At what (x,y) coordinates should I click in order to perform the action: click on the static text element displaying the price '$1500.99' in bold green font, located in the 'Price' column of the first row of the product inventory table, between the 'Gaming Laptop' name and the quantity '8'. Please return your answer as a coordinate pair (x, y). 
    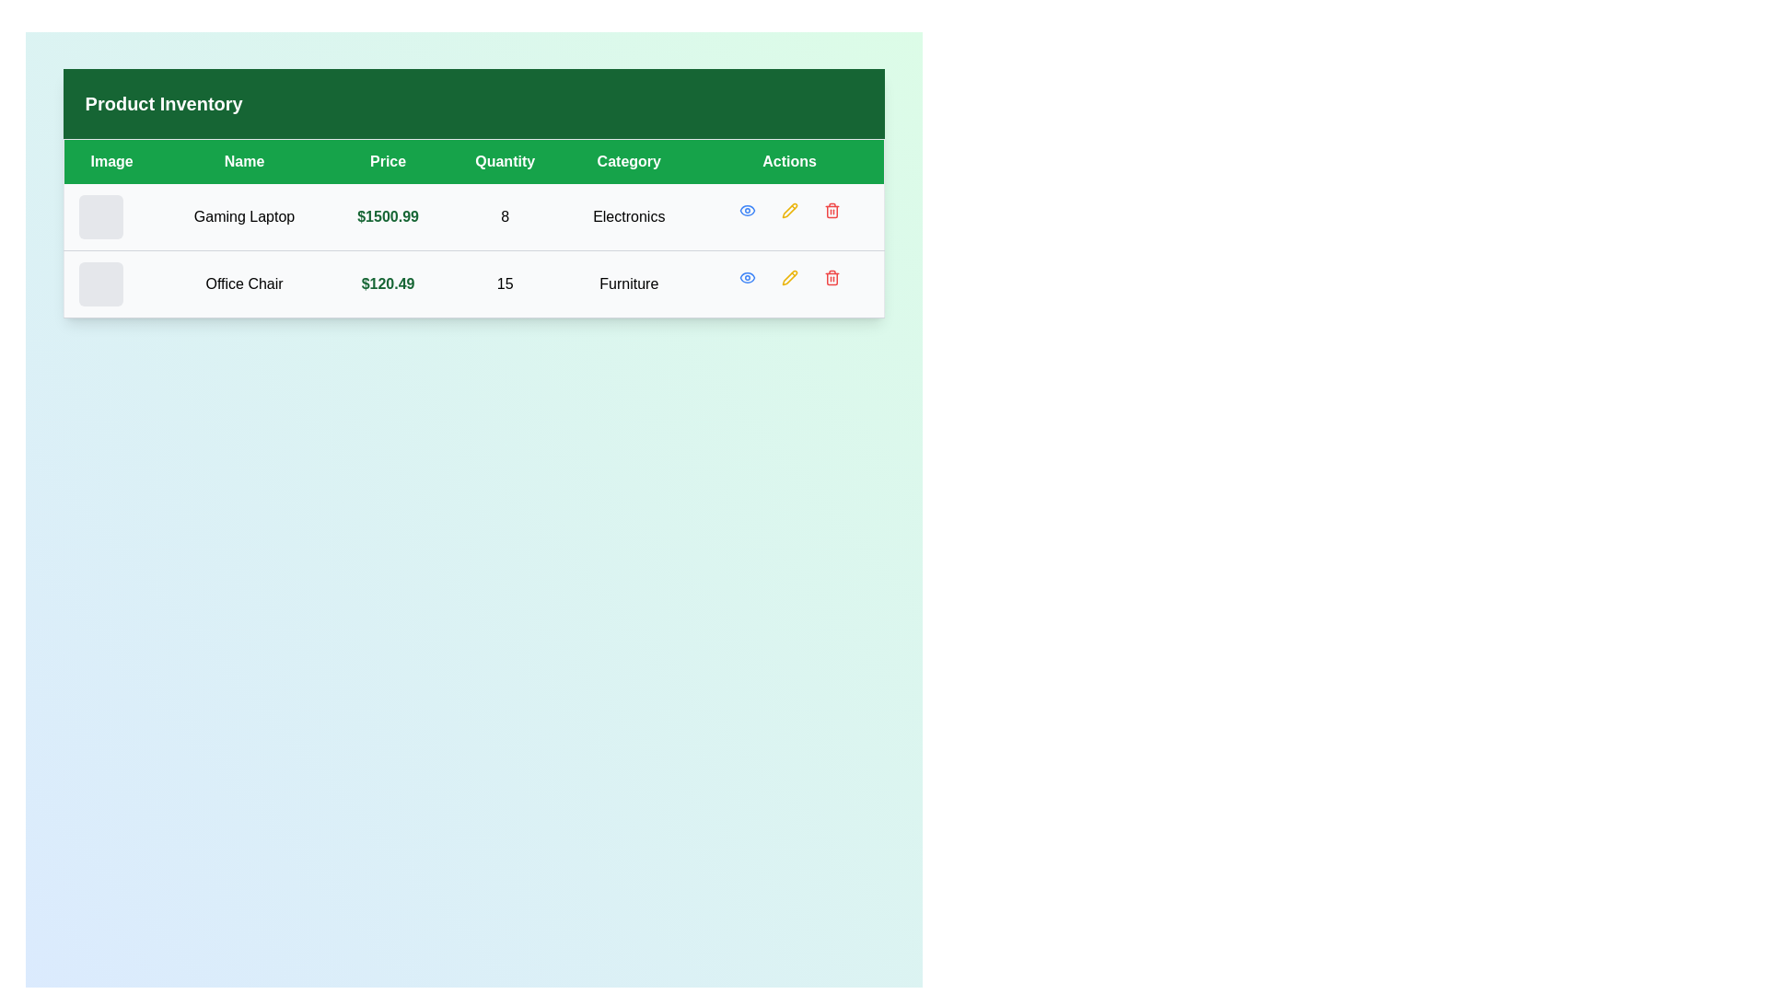
    Looking at the image, I should click on (387, 216).